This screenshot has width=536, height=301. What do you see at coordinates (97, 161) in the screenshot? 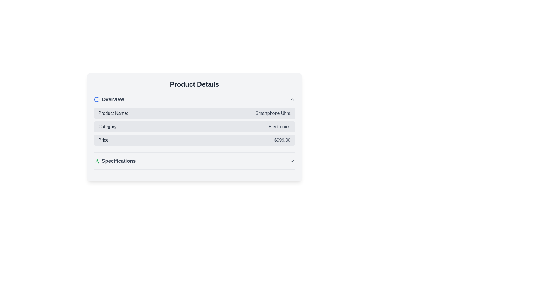
I see `the green user silhouette icon located to the left of the 'Specifications' text` at bounding box center [97, 161].